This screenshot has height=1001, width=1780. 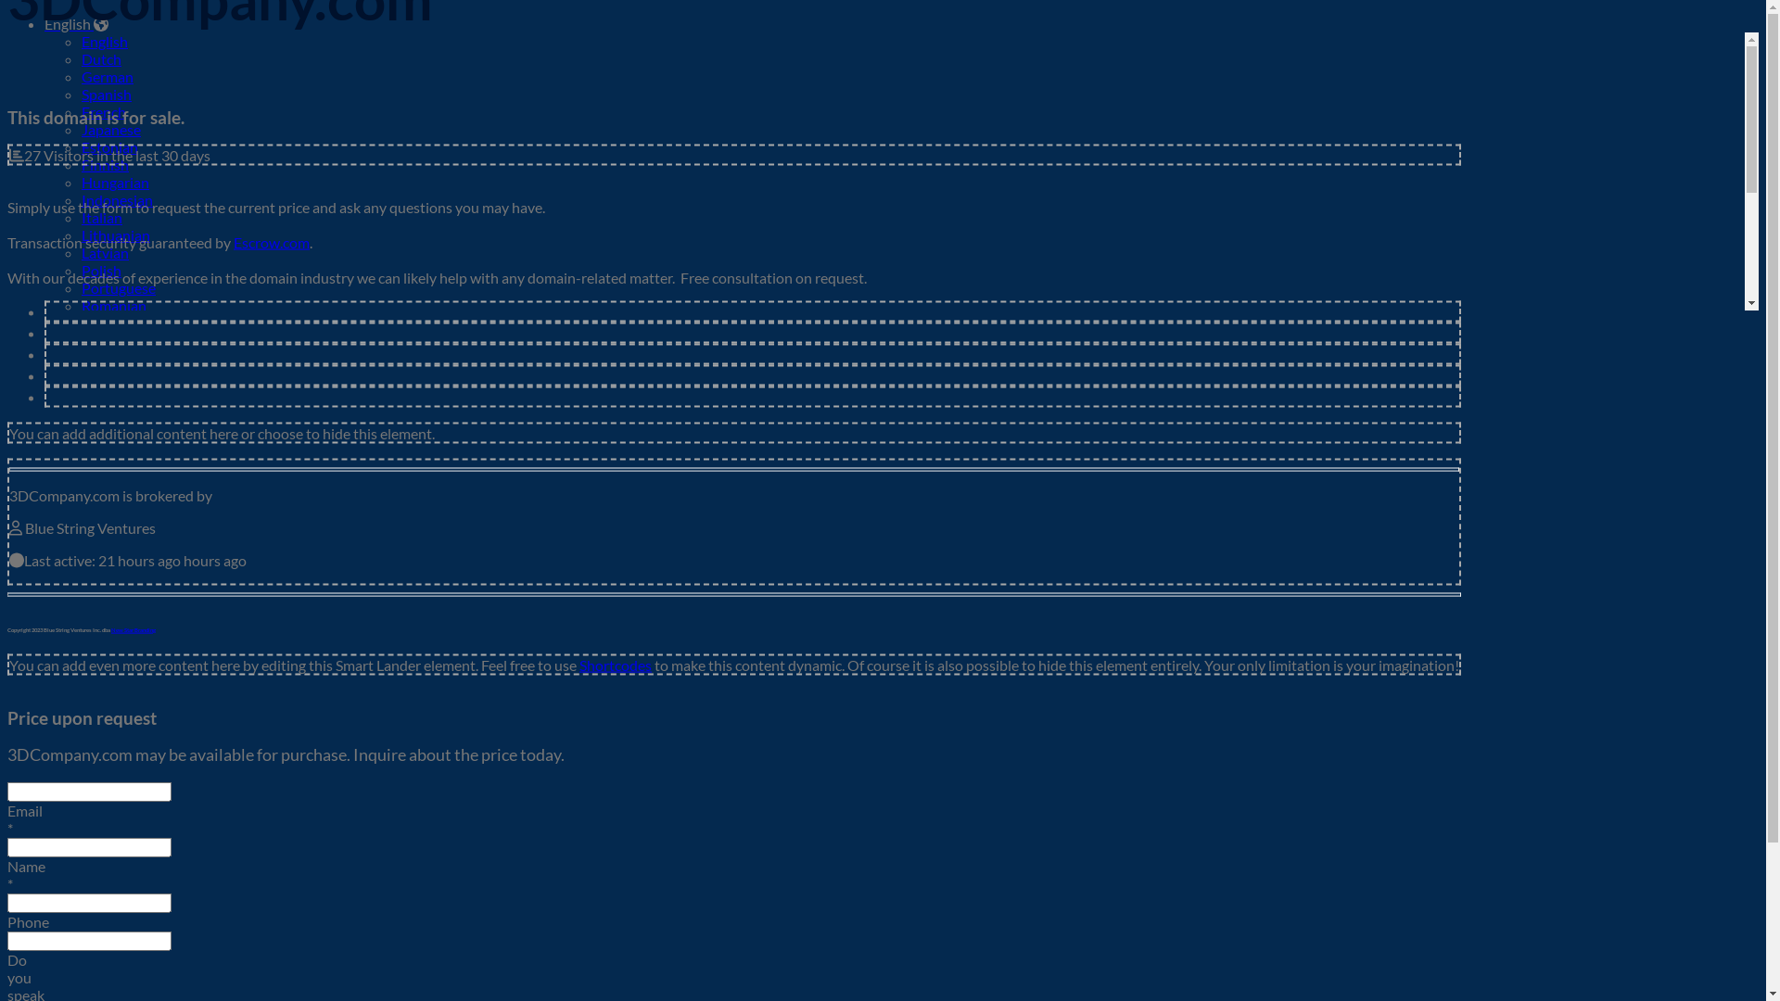 I want to click on 'Dutch', so click(x=100, y=57).